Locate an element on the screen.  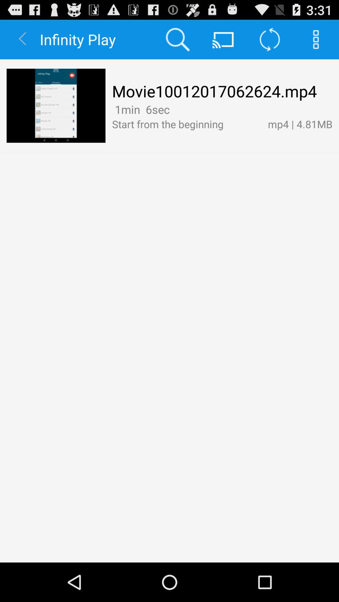
item next to movie10012017062624.mp4 item is located at coordinates (56, 106).